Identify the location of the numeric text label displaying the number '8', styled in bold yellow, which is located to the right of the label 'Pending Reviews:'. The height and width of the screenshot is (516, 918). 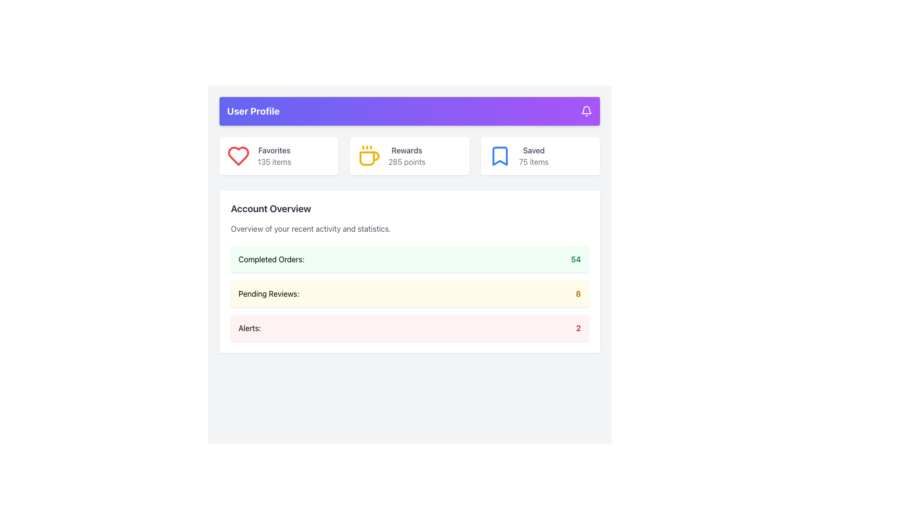
(578, 293).